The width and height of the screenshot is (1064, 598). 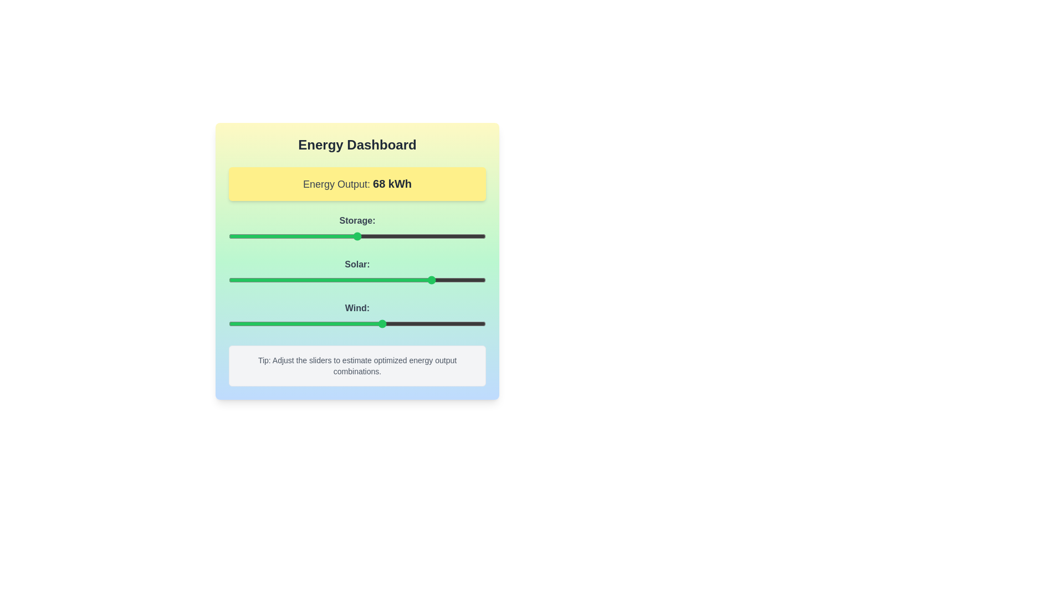 What do you see at coordinates (426, 236) in the screenshot?
I see `the 'Storage' slider to 77` at bounding box center [426, 236].